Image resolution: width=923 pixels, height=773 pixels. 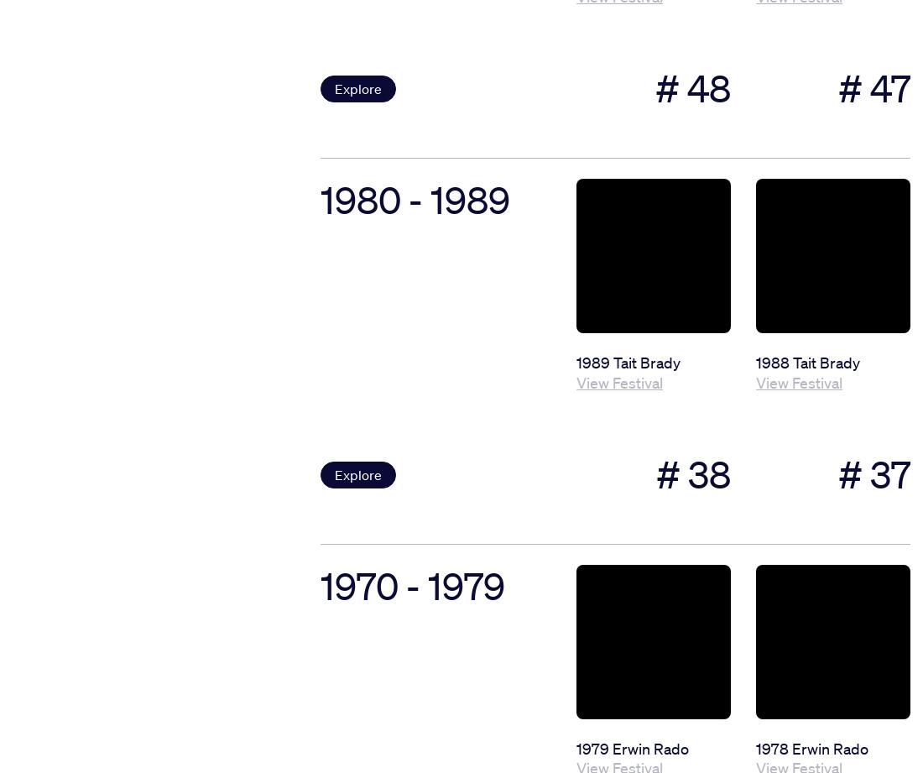 I want to click on '# 47', so click(x=873, y=88).